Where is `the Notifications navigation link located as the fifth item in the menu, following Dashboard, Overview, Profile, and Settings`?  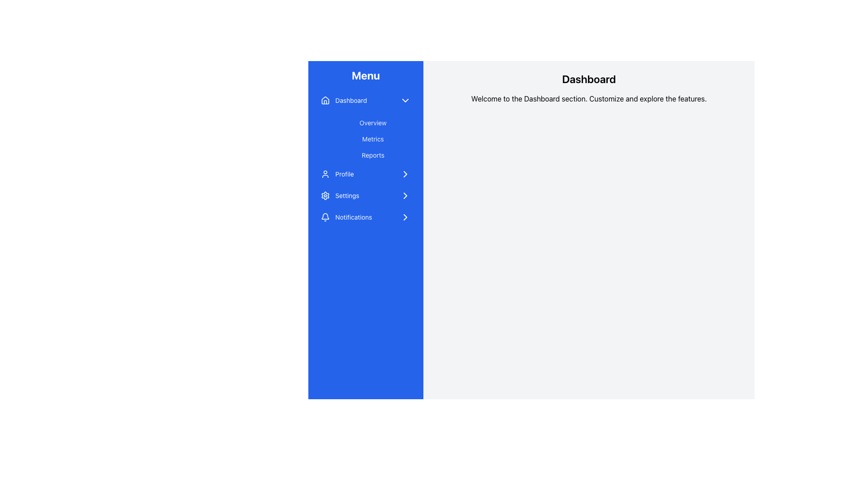
the Notifications navigation link located as the fifth item in the menu, following Dashboard, Overview, Profile, and Settings is located at coordinates (366, 217).